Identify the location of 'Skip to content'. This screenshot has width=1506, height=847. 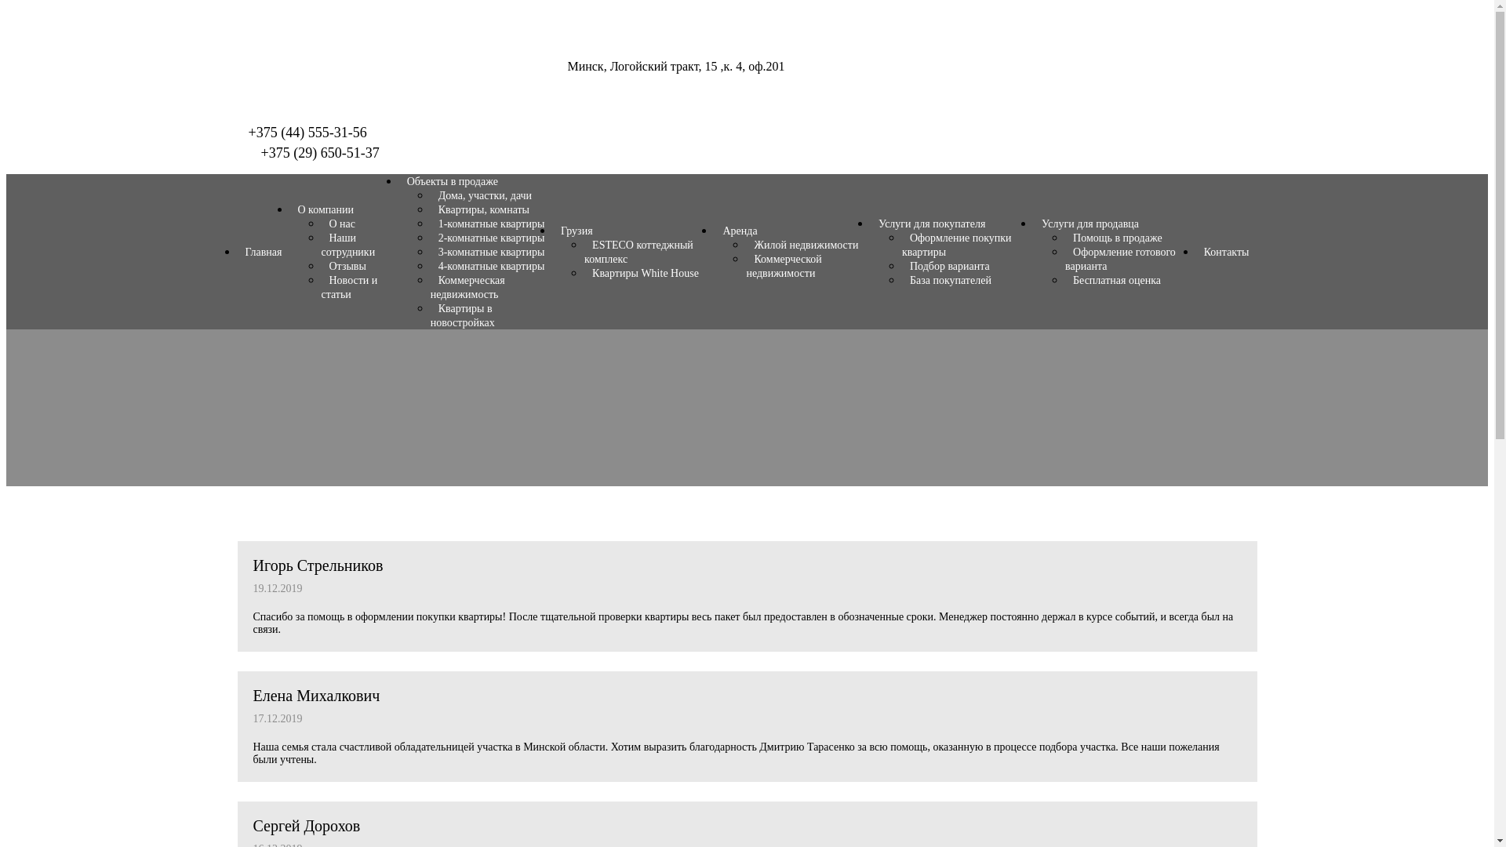
(5, 5).